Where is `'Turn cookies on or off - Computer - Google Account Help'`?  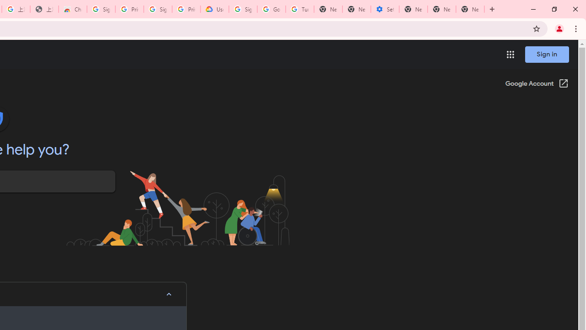 'Turn cookies on or off - Computer - Google Account Help' is located at coordinates (299, 9).